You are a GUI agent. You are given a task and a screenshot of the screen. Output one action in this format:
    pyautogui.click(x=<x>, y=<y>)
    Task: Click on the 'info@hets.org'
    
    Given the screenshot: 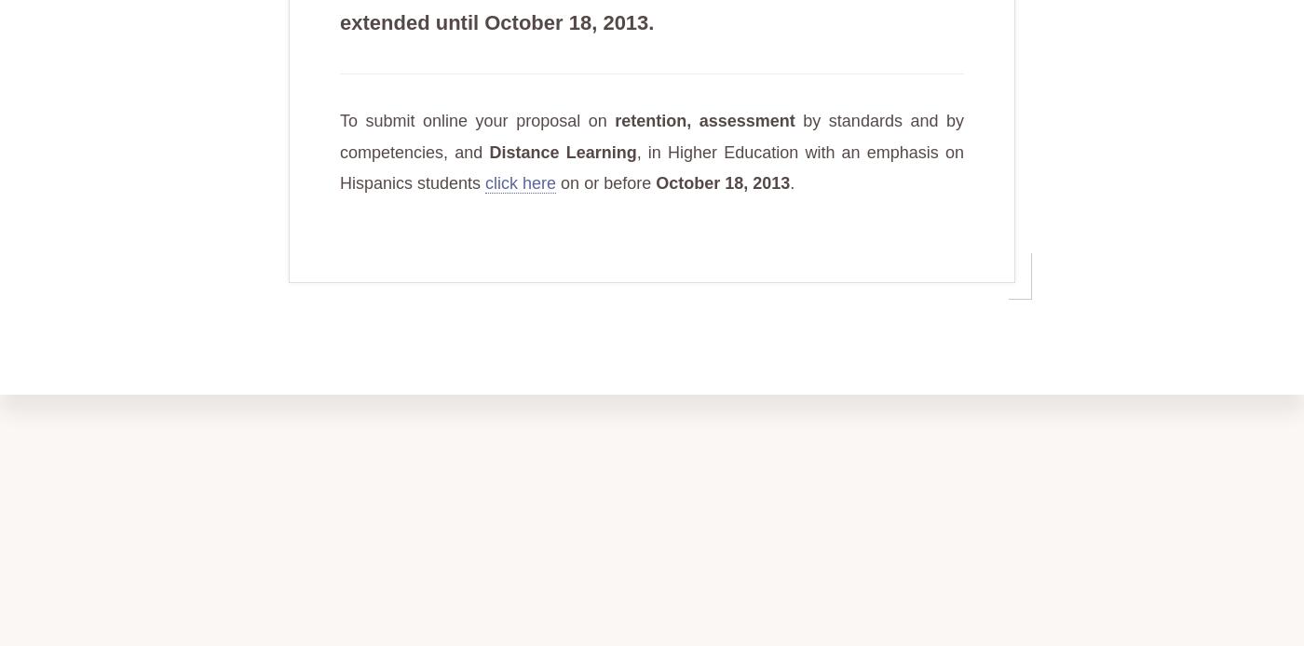 What is the action you would take?
    pyautogui.click(x=1044, y=172)
    